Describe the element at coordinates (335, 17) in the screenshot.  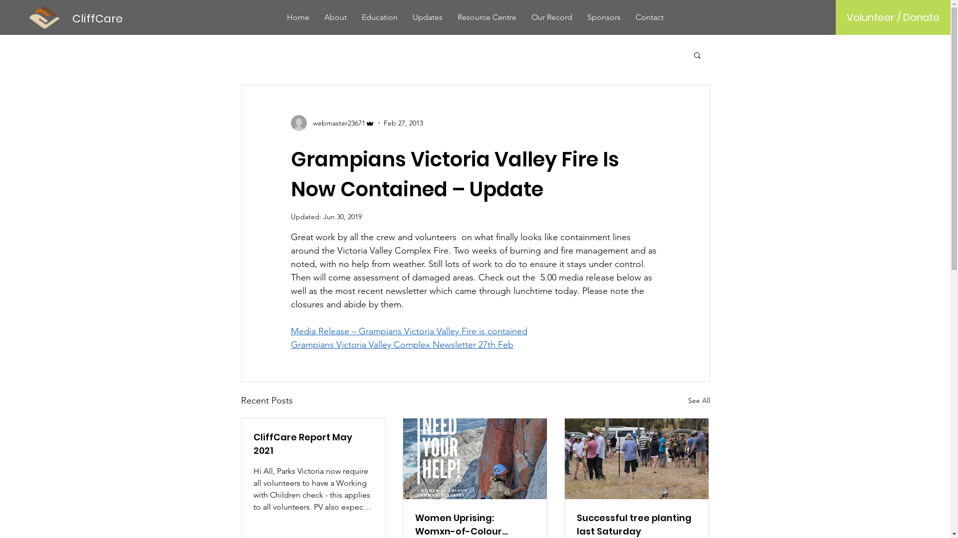
I see `'About'` at that location.